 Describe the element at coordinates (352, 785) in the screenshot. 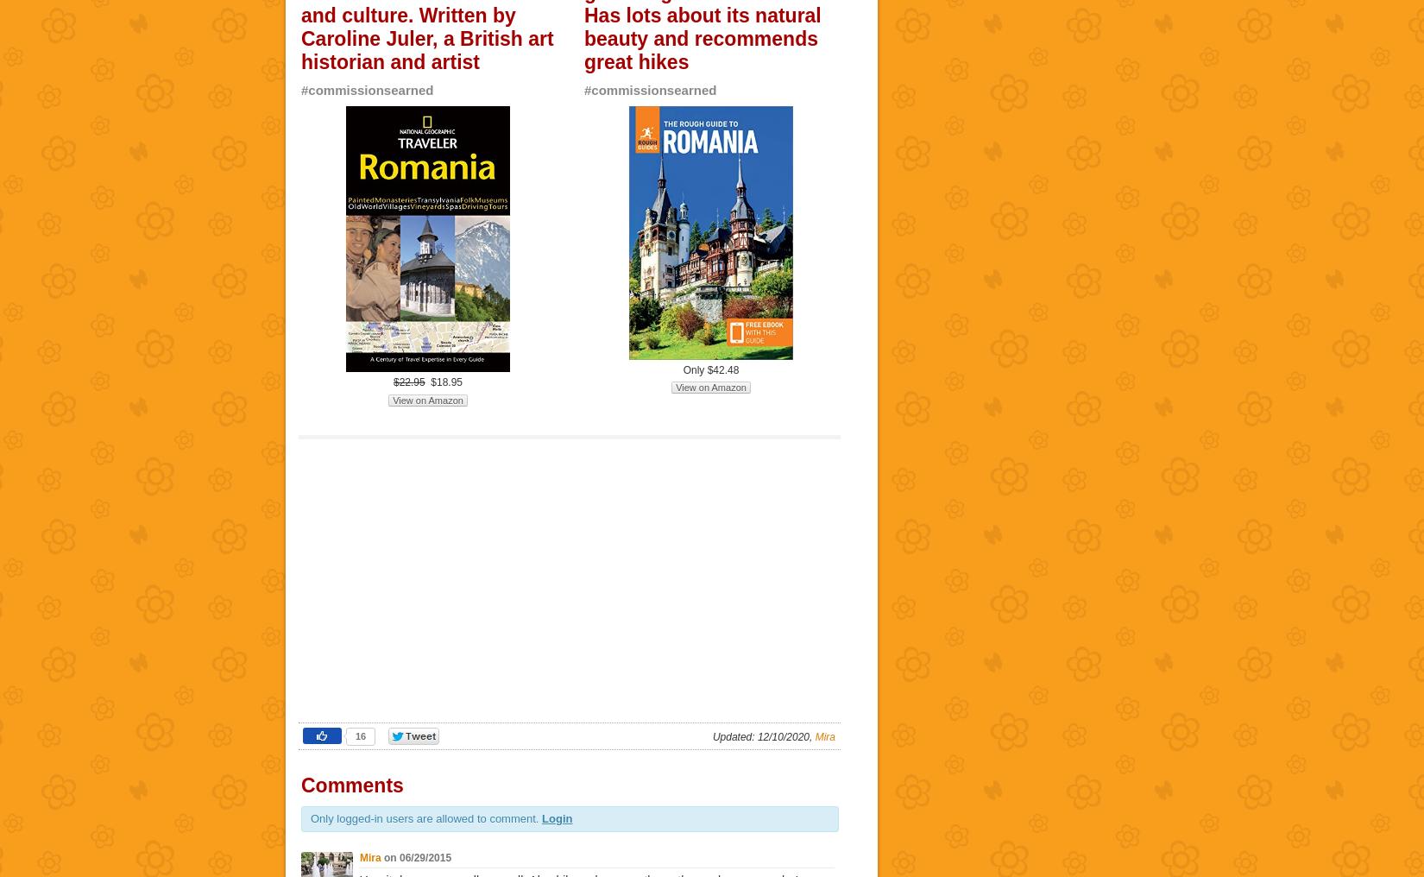

I see `'Comments'` at that location.